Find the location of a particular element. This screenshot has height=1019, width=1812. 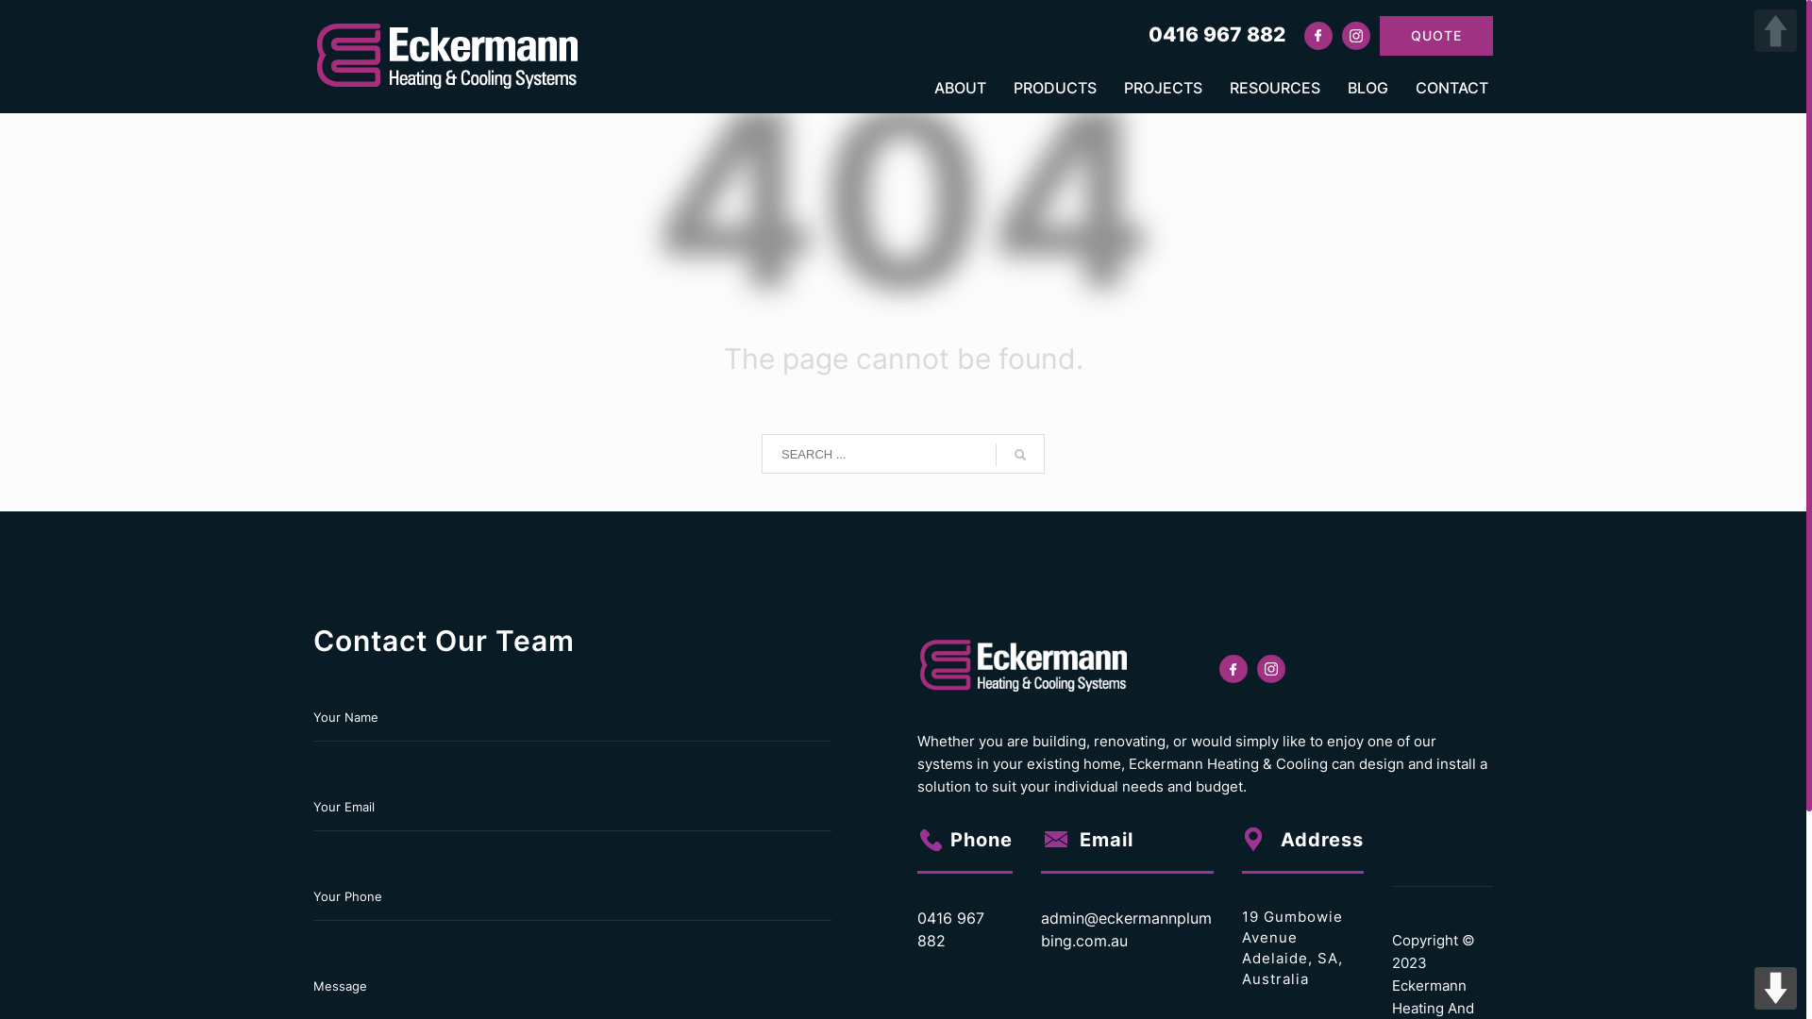

'BLOG' is located at coordinates (1367, 87).